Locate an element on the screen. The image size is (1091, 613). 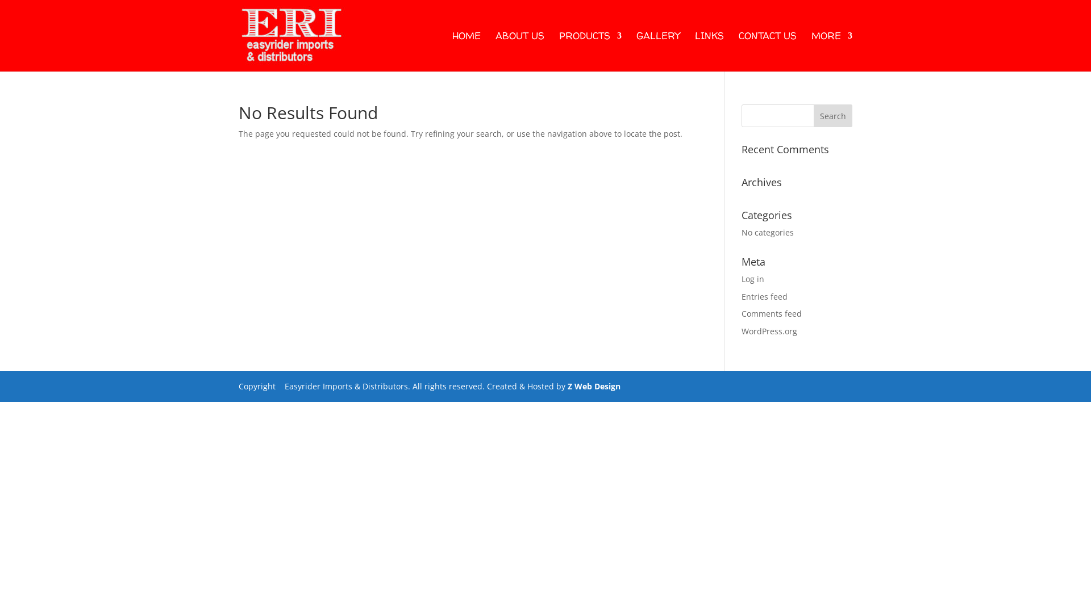
'WordPress.org' is located at coordinates (769, 331).